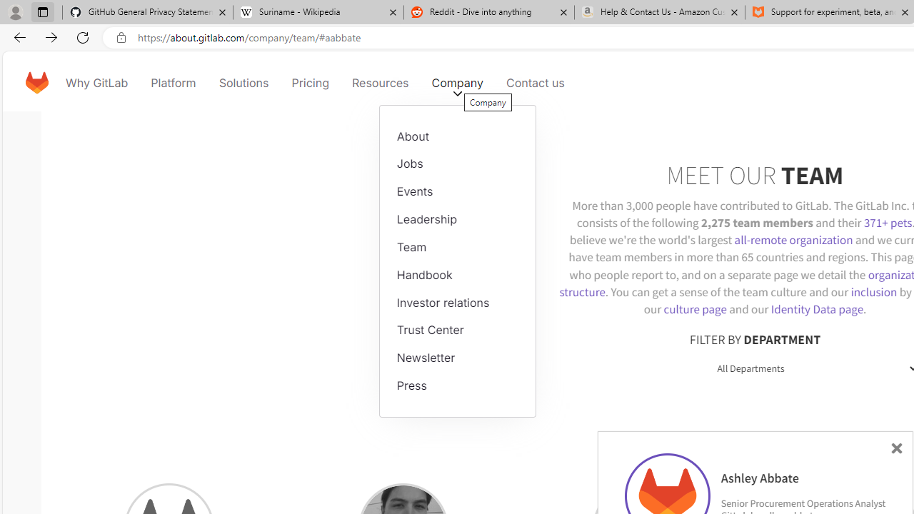 Image resolution: width=914 pixels, height=514 pixels. Describe the element at coordinates (380, 82) in the screenshot. I see `'Resources'` at that location.